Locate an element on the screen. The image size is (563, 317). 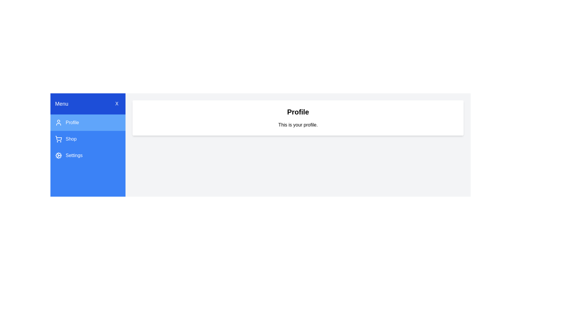
the text 'This is your profile.' is located at coordinates (298, 124).